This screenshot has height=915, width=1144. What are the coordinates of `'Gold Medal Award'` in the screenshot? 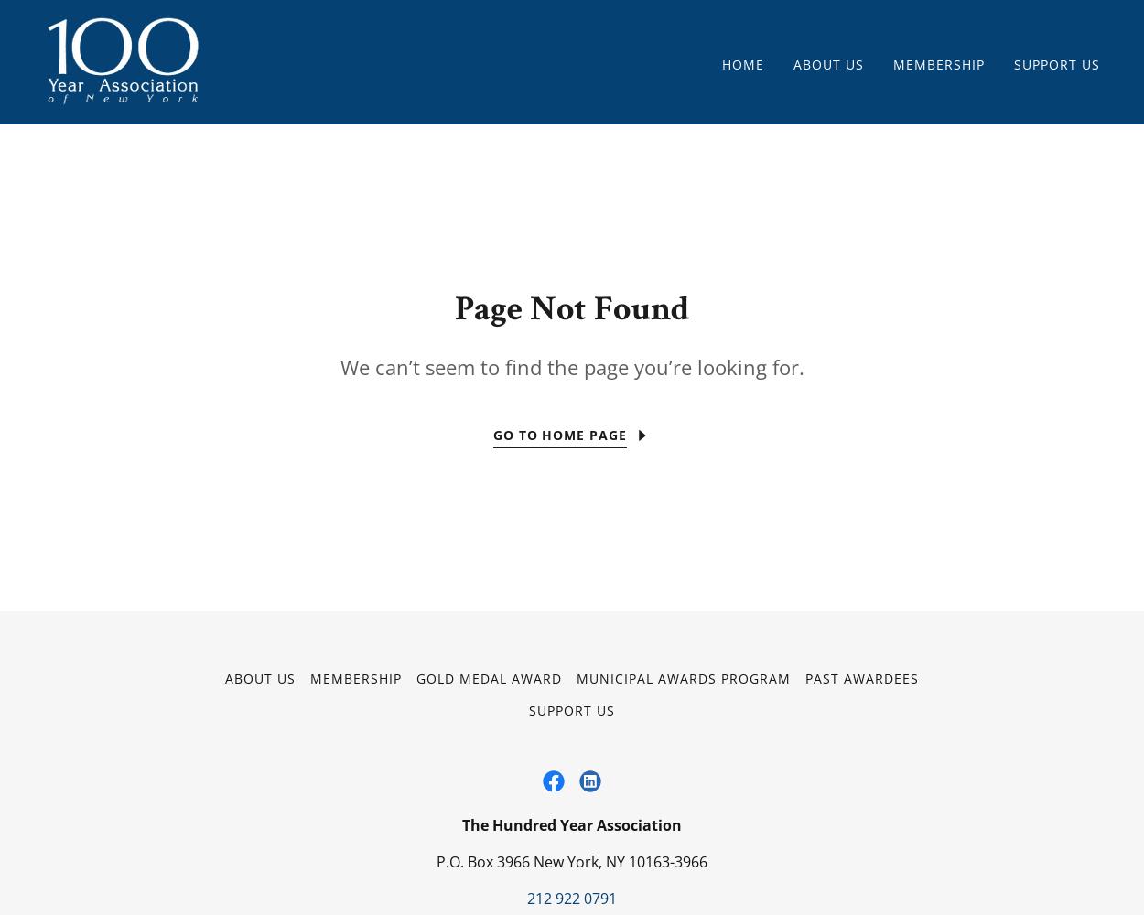 It's located at (489, 677).